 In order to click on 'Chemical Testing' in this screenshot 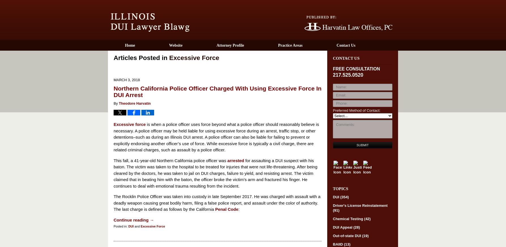, I will do `click(348, 218)`.